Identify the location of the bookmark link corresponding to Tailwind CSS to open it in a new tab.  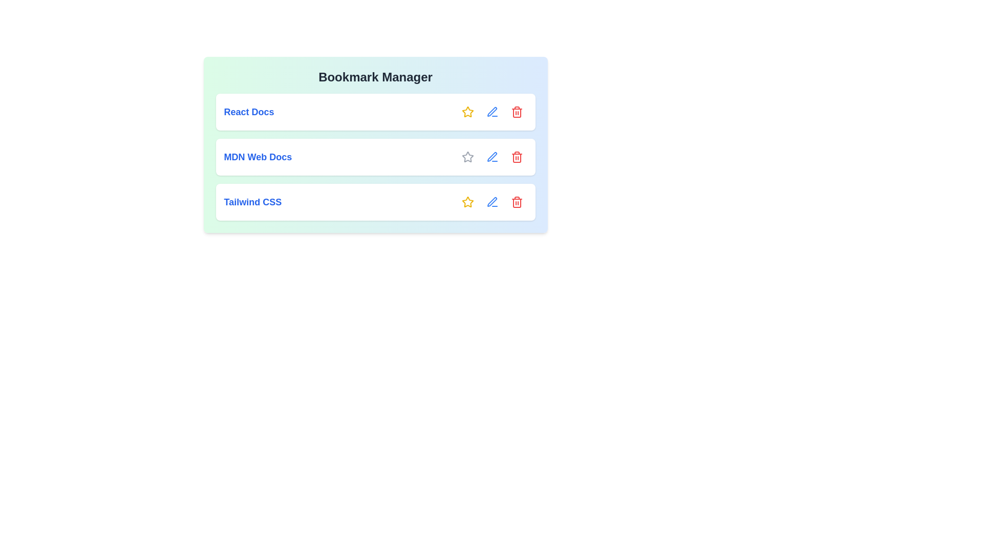
(252, 202).